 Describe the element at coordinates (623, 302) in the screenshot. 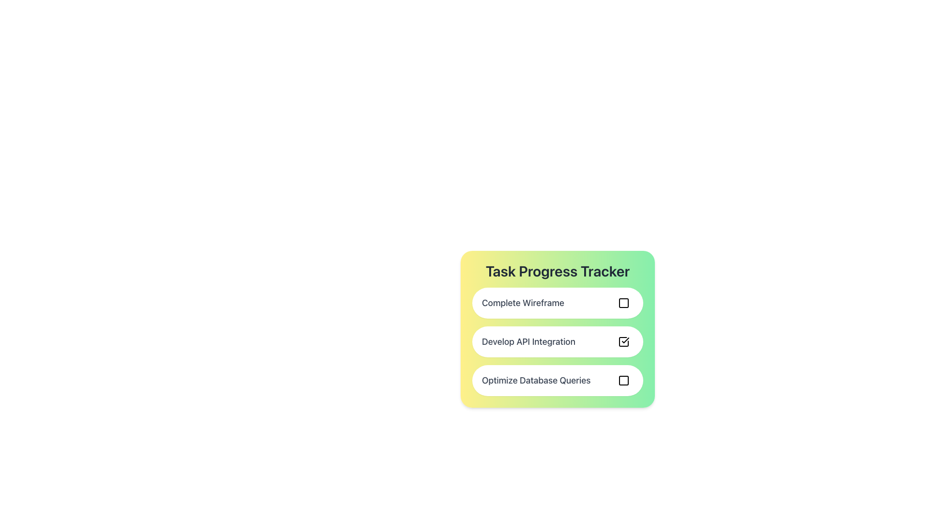

I see `the unchecked checkbox located to the right of the 'Complete Wireframe' label in the 'Task Progress Tracker' section` at that location.